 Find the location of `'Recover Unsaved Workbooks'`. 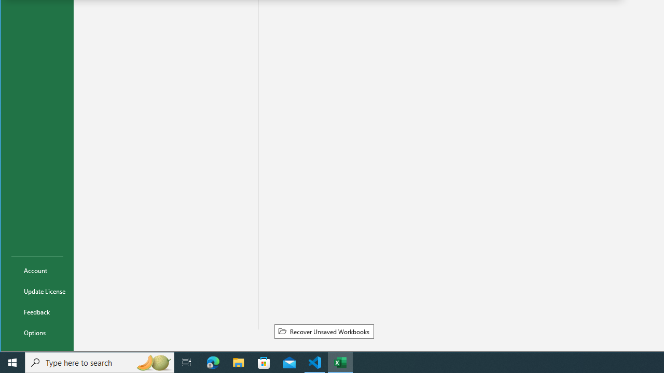

'Recover Unsaved Workbooks' is located at coordinates (323, 331).